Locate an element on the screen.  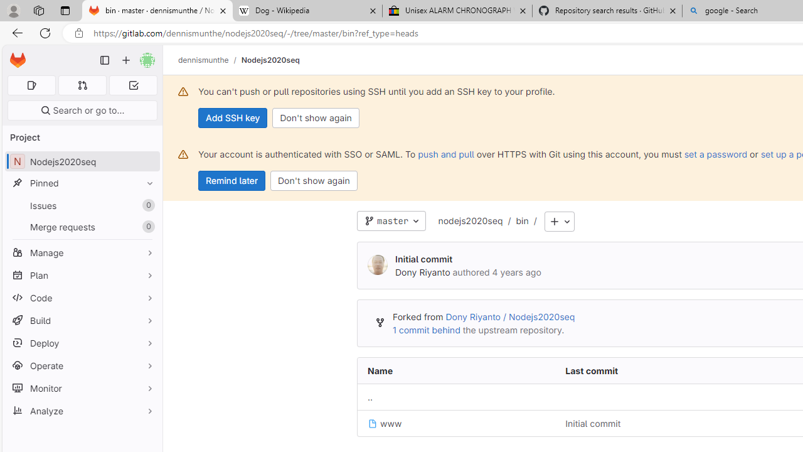
'Initial commit' is located at coordinates (592, 424).